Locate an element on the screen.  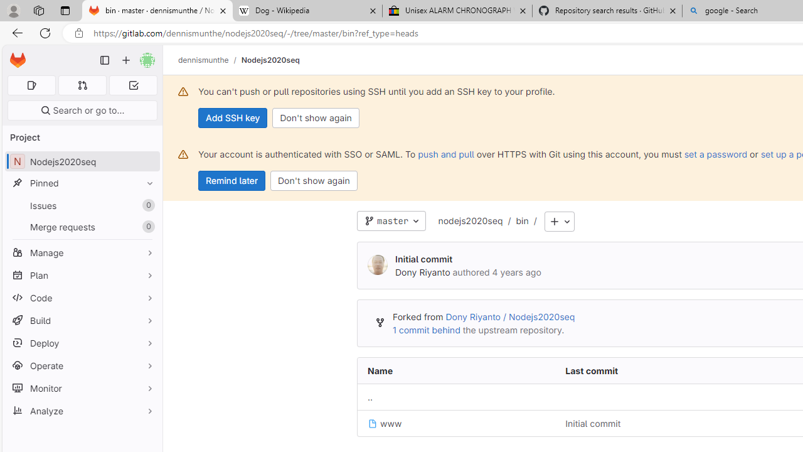
'Initial commit' is located at coordinates (592, 424).